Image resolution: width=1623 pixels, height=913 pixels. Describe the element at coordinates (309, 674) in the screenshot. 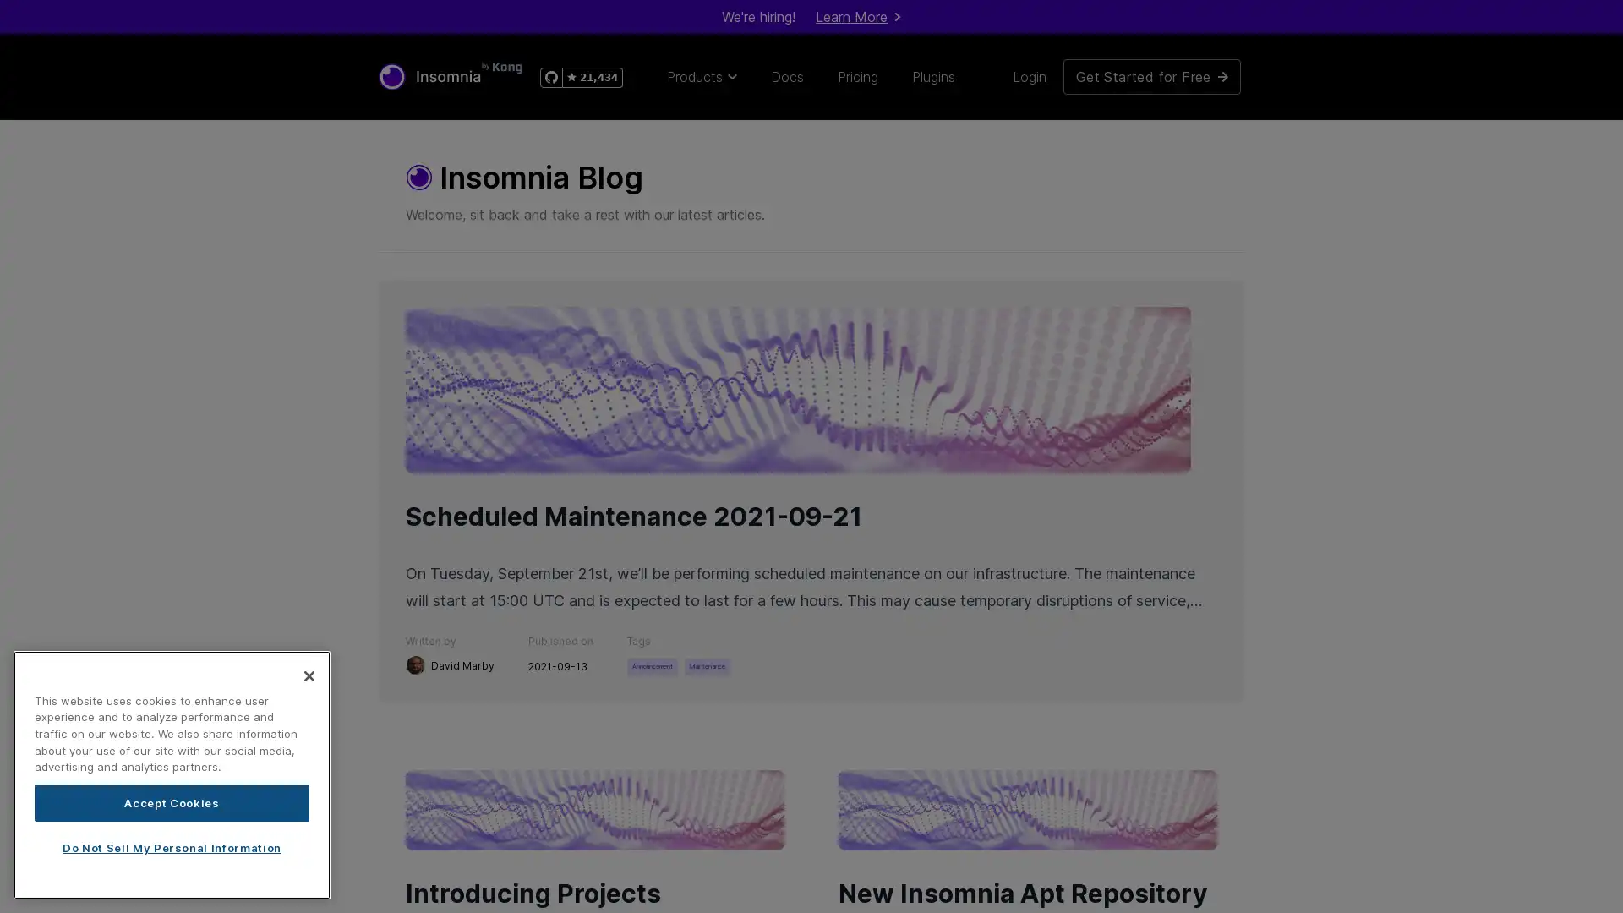

I see `Close` at that location.